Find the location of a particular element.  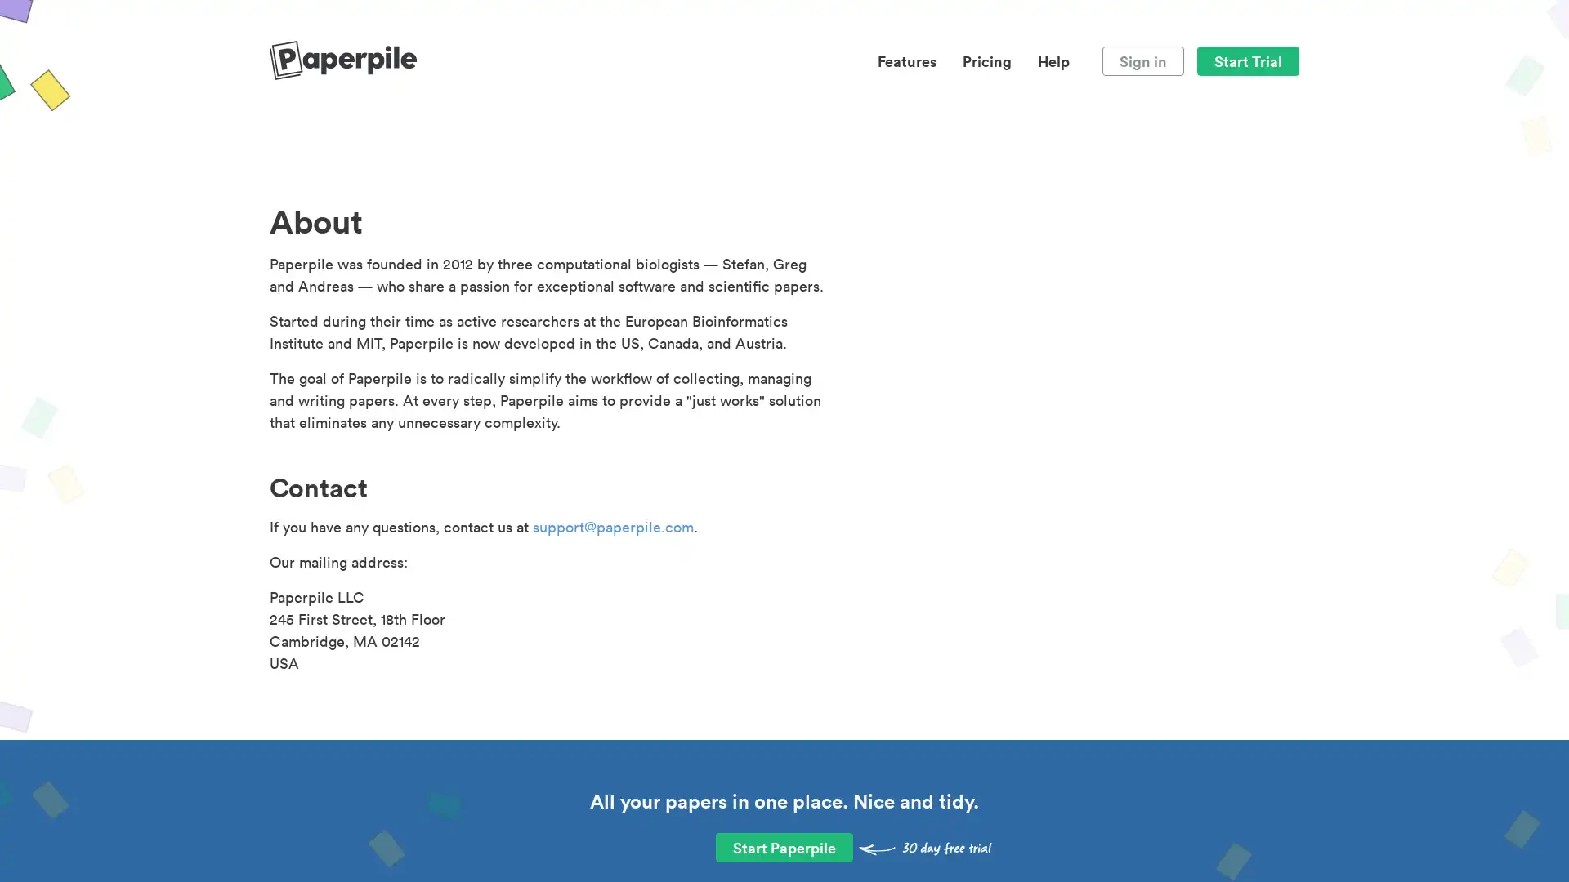

Start Paperpile is located at coordinates (784, 846).